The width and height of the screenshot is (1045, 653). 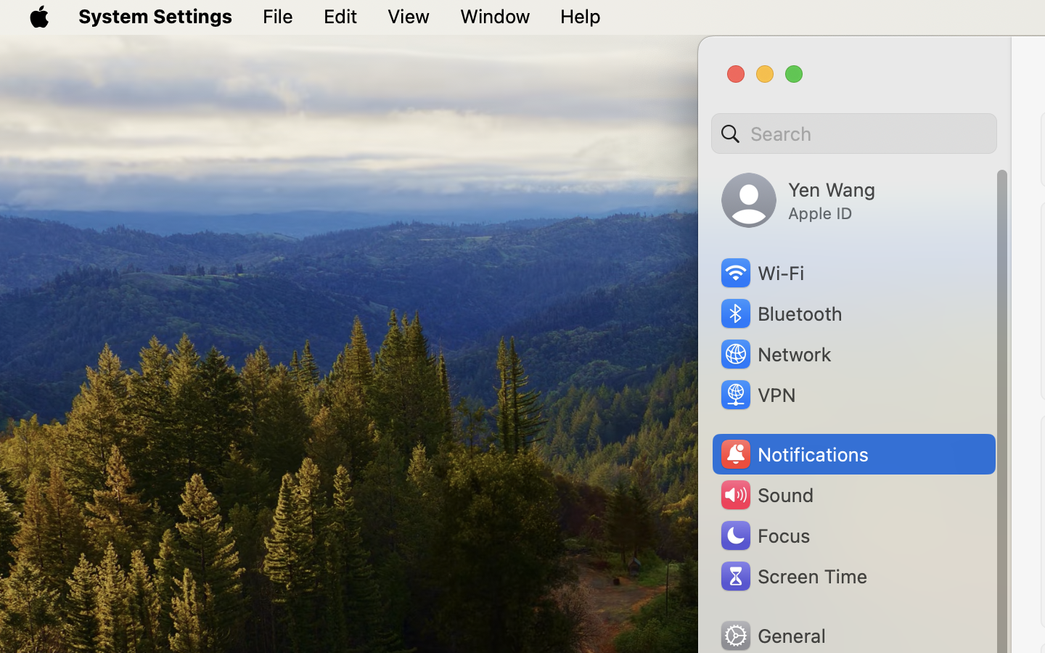 What do you see at coordinates (761, 273) in the screenshot?
I see `'Wi‑Fi'` at bounding box center [761, 273].